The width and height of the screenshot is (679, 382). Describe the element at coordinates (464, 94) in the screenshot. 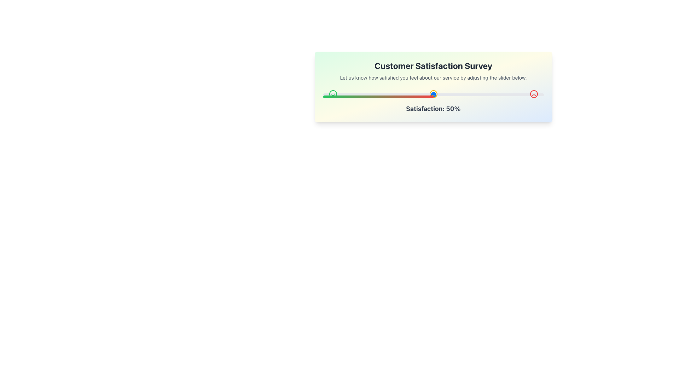

I see `satisfaction level` at that location.